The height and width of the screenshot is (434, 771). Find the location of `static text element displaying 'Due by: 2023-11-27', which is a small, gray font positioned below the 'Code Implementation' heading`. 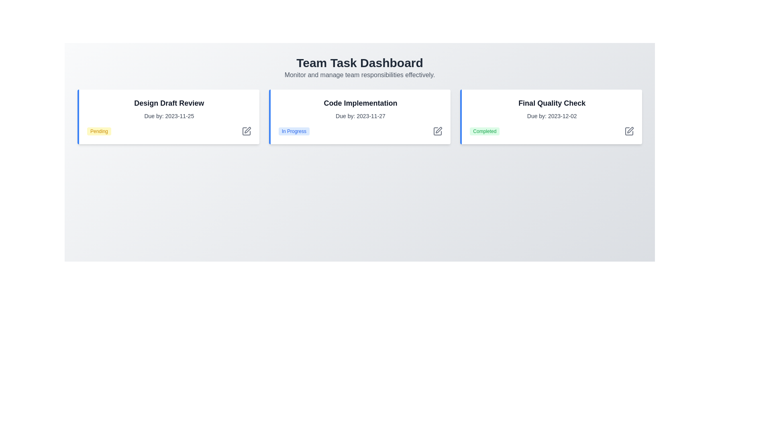

static text element displaying 'Due by: 2023-11-27', which is a small, gray font positioned below the 'Code Implementation' heading is located at coordinates (360, 116).